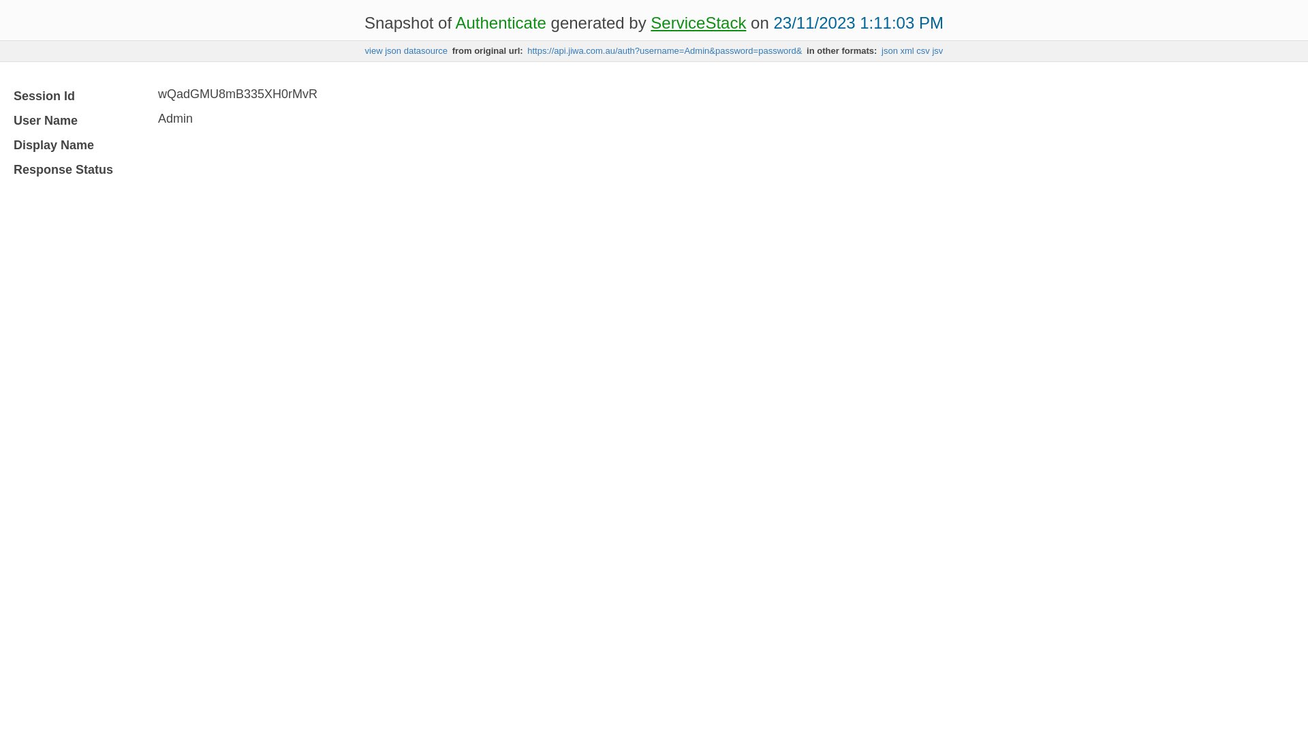 Image resolution: width=1308 pixels, height=736 pixels. What do you see at coordinates (698, 22) in the screenshot?
I see `'ServiceStack'` at bounding box center [698, 22].